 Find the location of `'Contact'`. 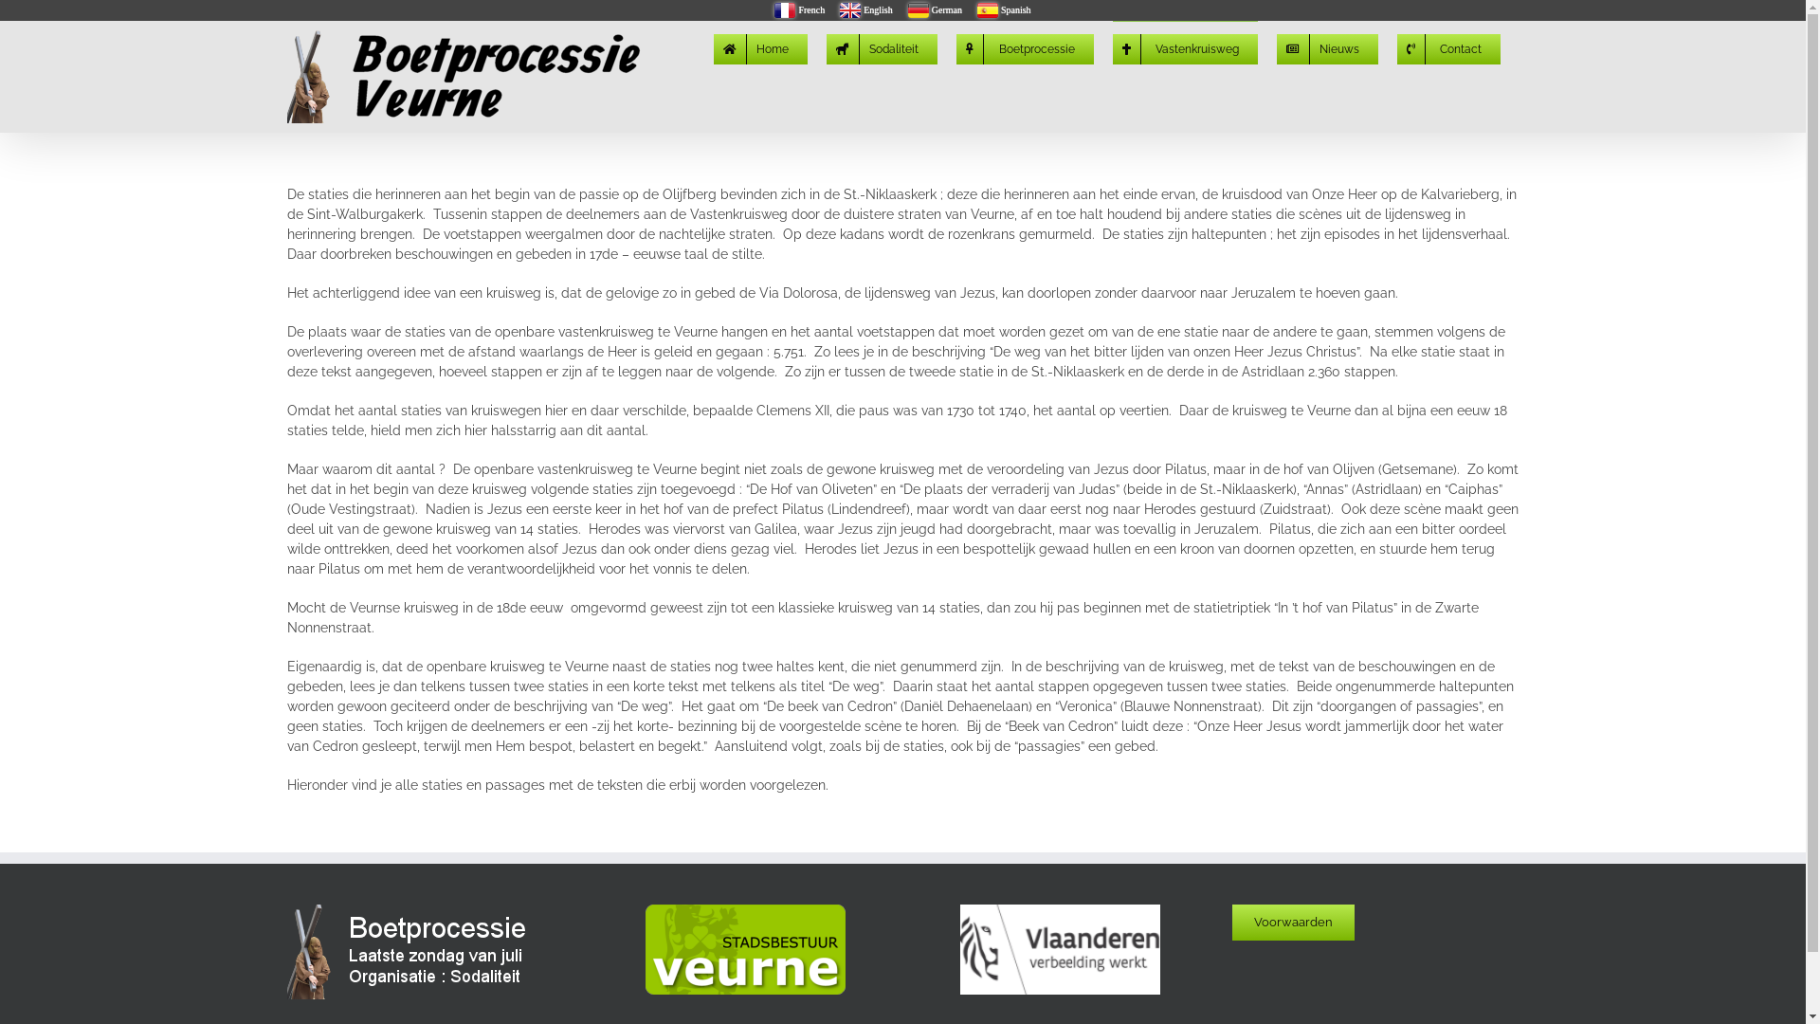

'Contact' is located at coordinates (1447, 46).